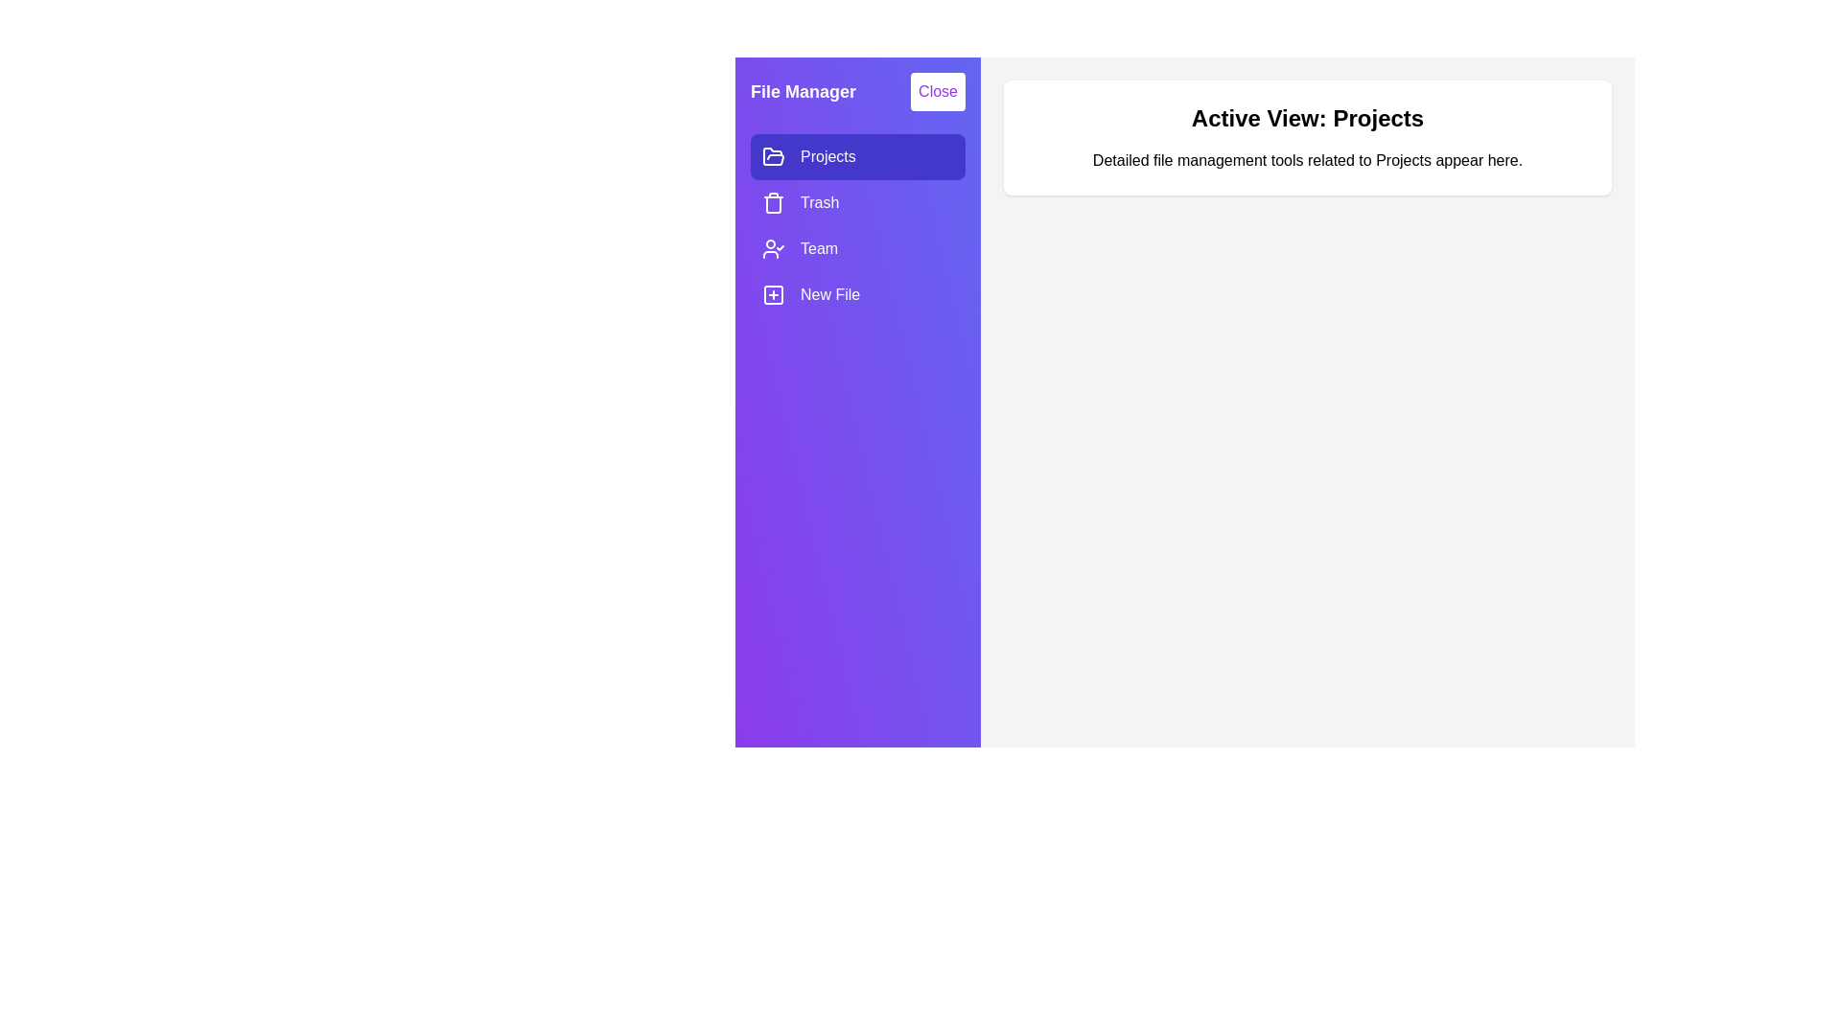  What do you see at coordinates (856, 203) in the screenshot?
I see `the drawer item Trash to observe its hover effect` at bounding box center [856, 203].